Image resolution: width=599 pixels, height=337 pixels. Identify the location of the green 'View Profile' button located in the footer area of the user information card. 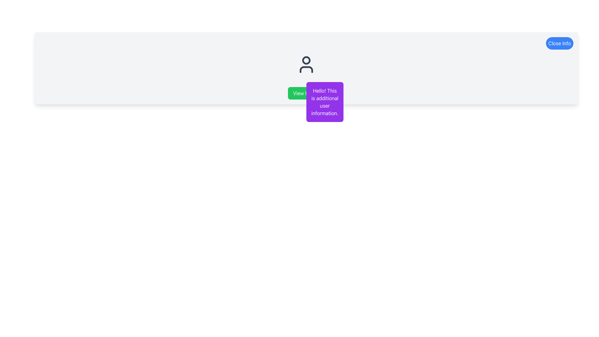
(306, 93).